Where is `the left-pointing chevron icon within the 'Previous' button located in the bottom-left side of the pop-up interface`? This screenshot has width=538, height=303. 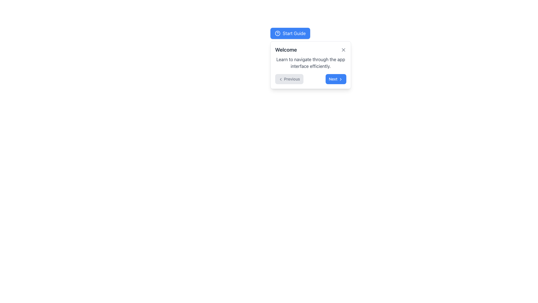 the left-pointing chevron icon within the 'Previous' button located in the bottom-left side of the pop-up interface is located at coordinates (280, 79).